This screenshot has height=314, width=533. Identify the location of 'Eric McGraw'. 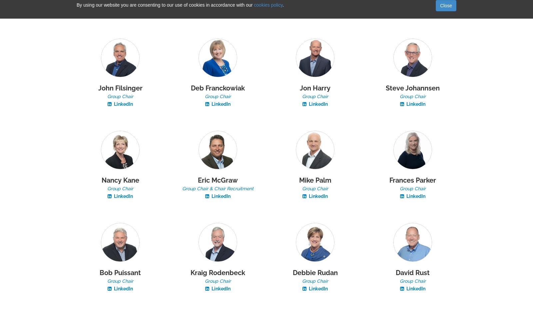
(197, 180).